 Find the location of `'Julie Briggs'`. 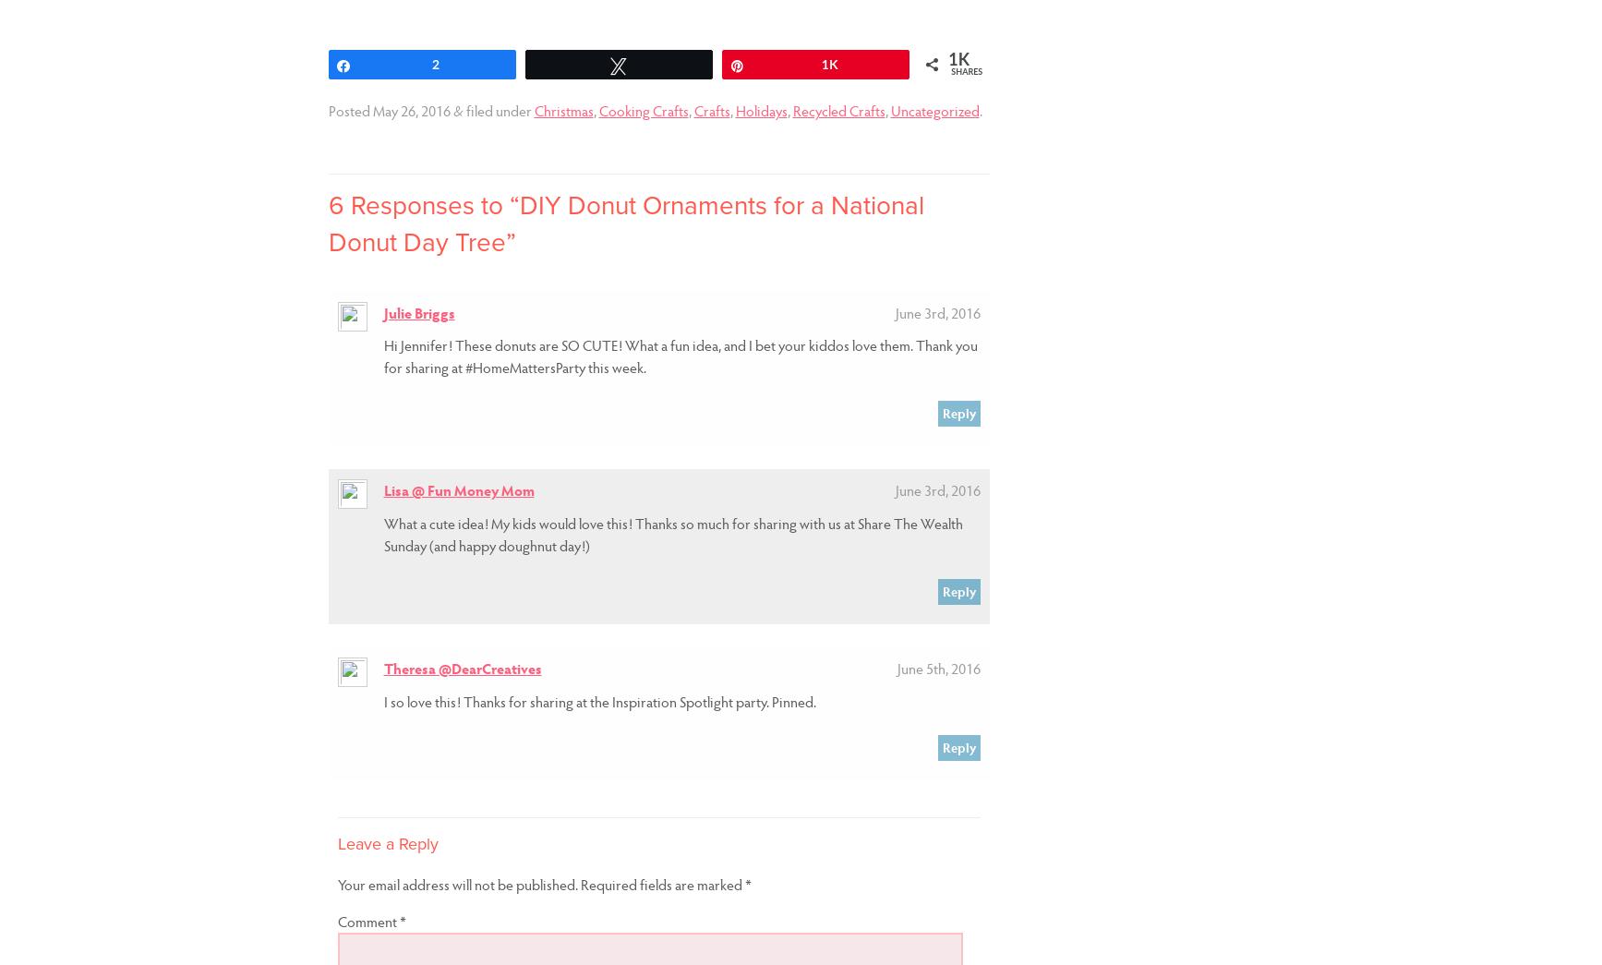

'Julie Briggs' is located at coordinates (418, 311).